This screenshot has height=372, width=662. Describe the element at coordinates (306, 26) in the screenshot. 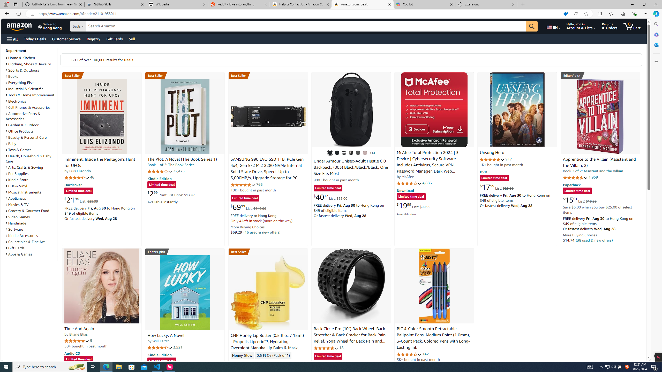

I see `'Search Amazon'` at that location.